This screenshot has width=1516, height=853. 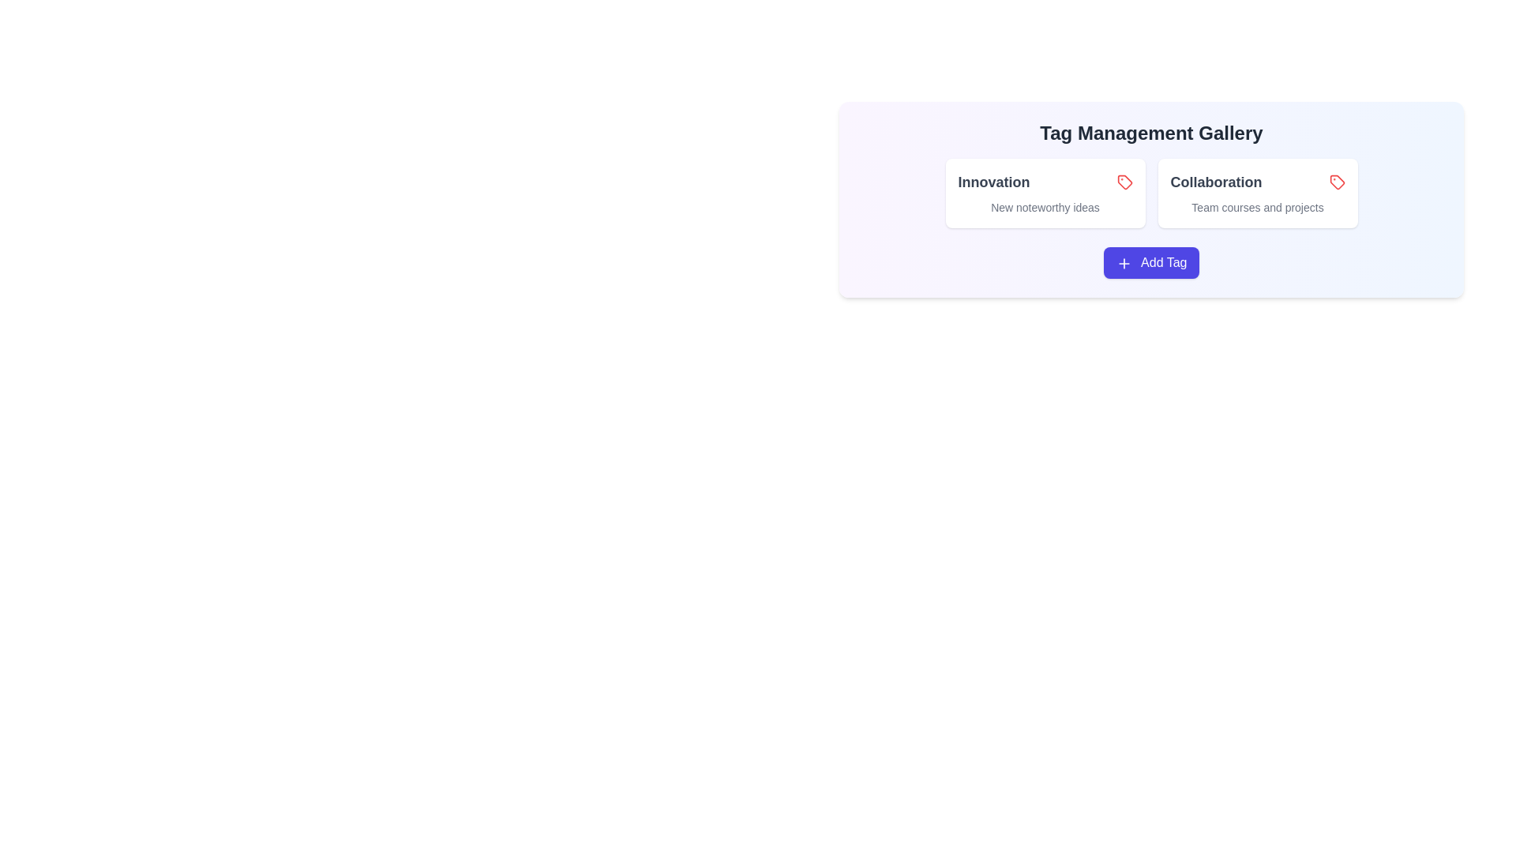 What do you see at coordinates (1257, 206) in the screenshot?
I see `the text label displaying 'Team courses and projects' styled in gray, located beneath the 'Collaboration' title within the white card interface` at bounding box center [1257, 206].